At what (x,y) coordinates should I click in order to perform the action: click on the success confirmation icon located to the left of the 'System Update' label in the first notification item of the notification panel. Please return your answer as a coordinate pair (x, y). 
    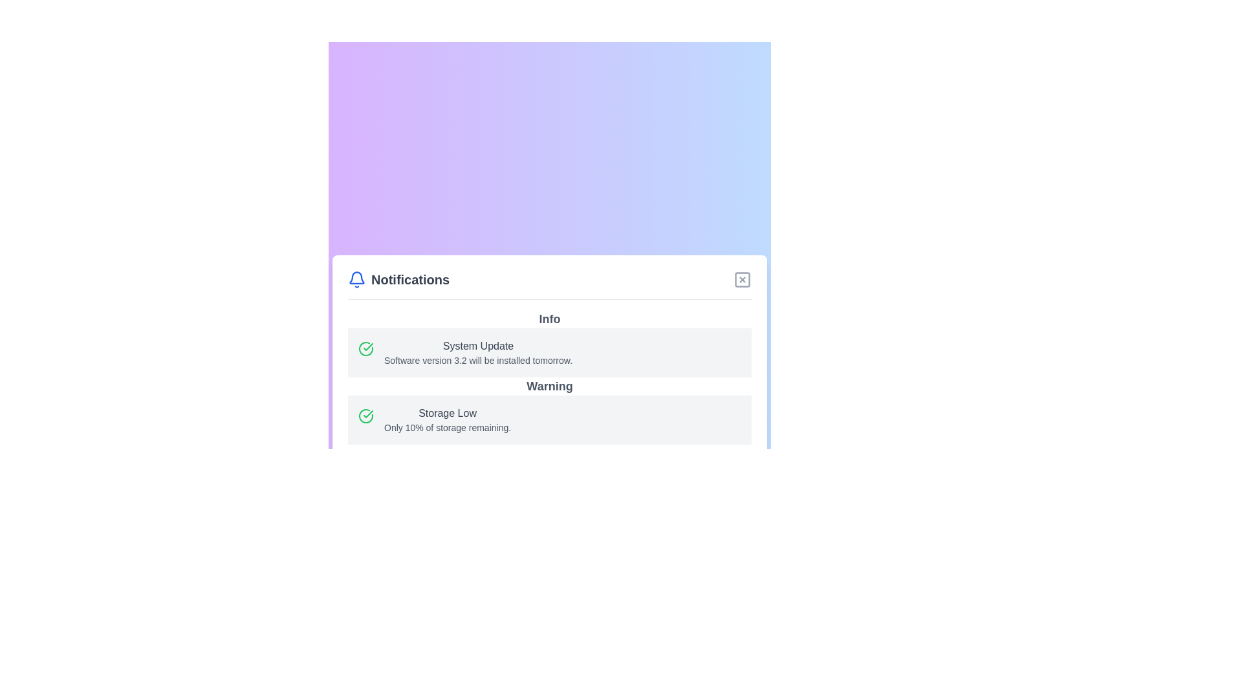
    Looking at the image, I should click on (367, 414).